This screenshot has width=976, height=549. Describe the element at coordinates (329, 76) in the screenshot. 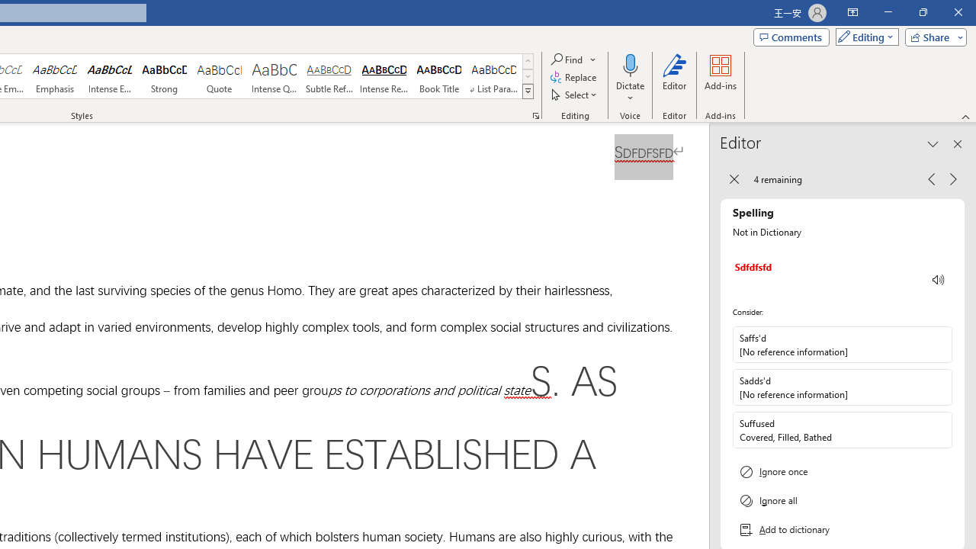

I see `'Subtle Reference'` at that location.